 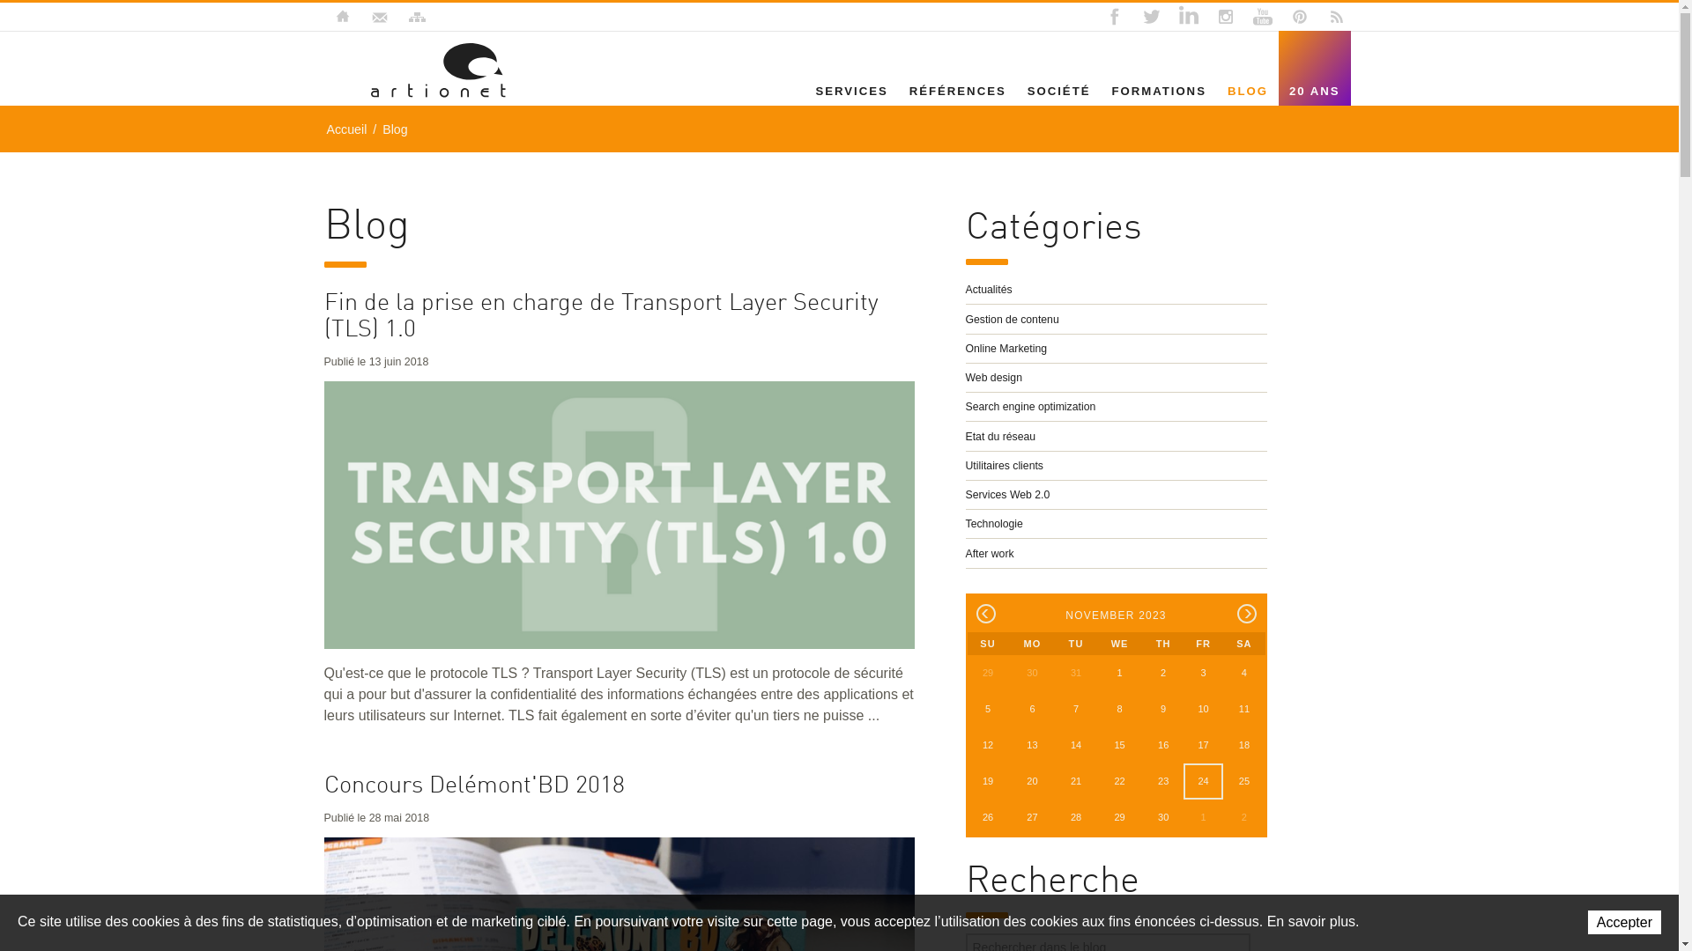 I want to click on 'Plan du site', so click(x=414, y=17).